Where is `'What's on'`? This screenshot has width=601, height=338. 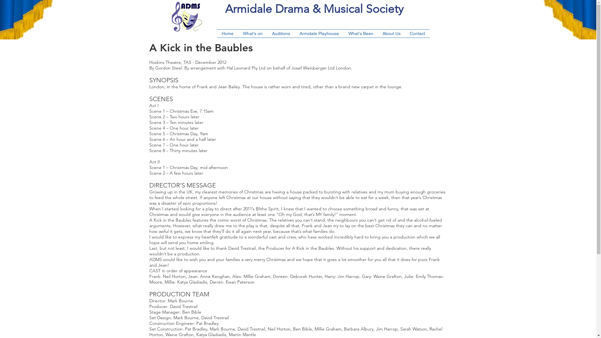 'What's on' is located at coordinates (252, 33).